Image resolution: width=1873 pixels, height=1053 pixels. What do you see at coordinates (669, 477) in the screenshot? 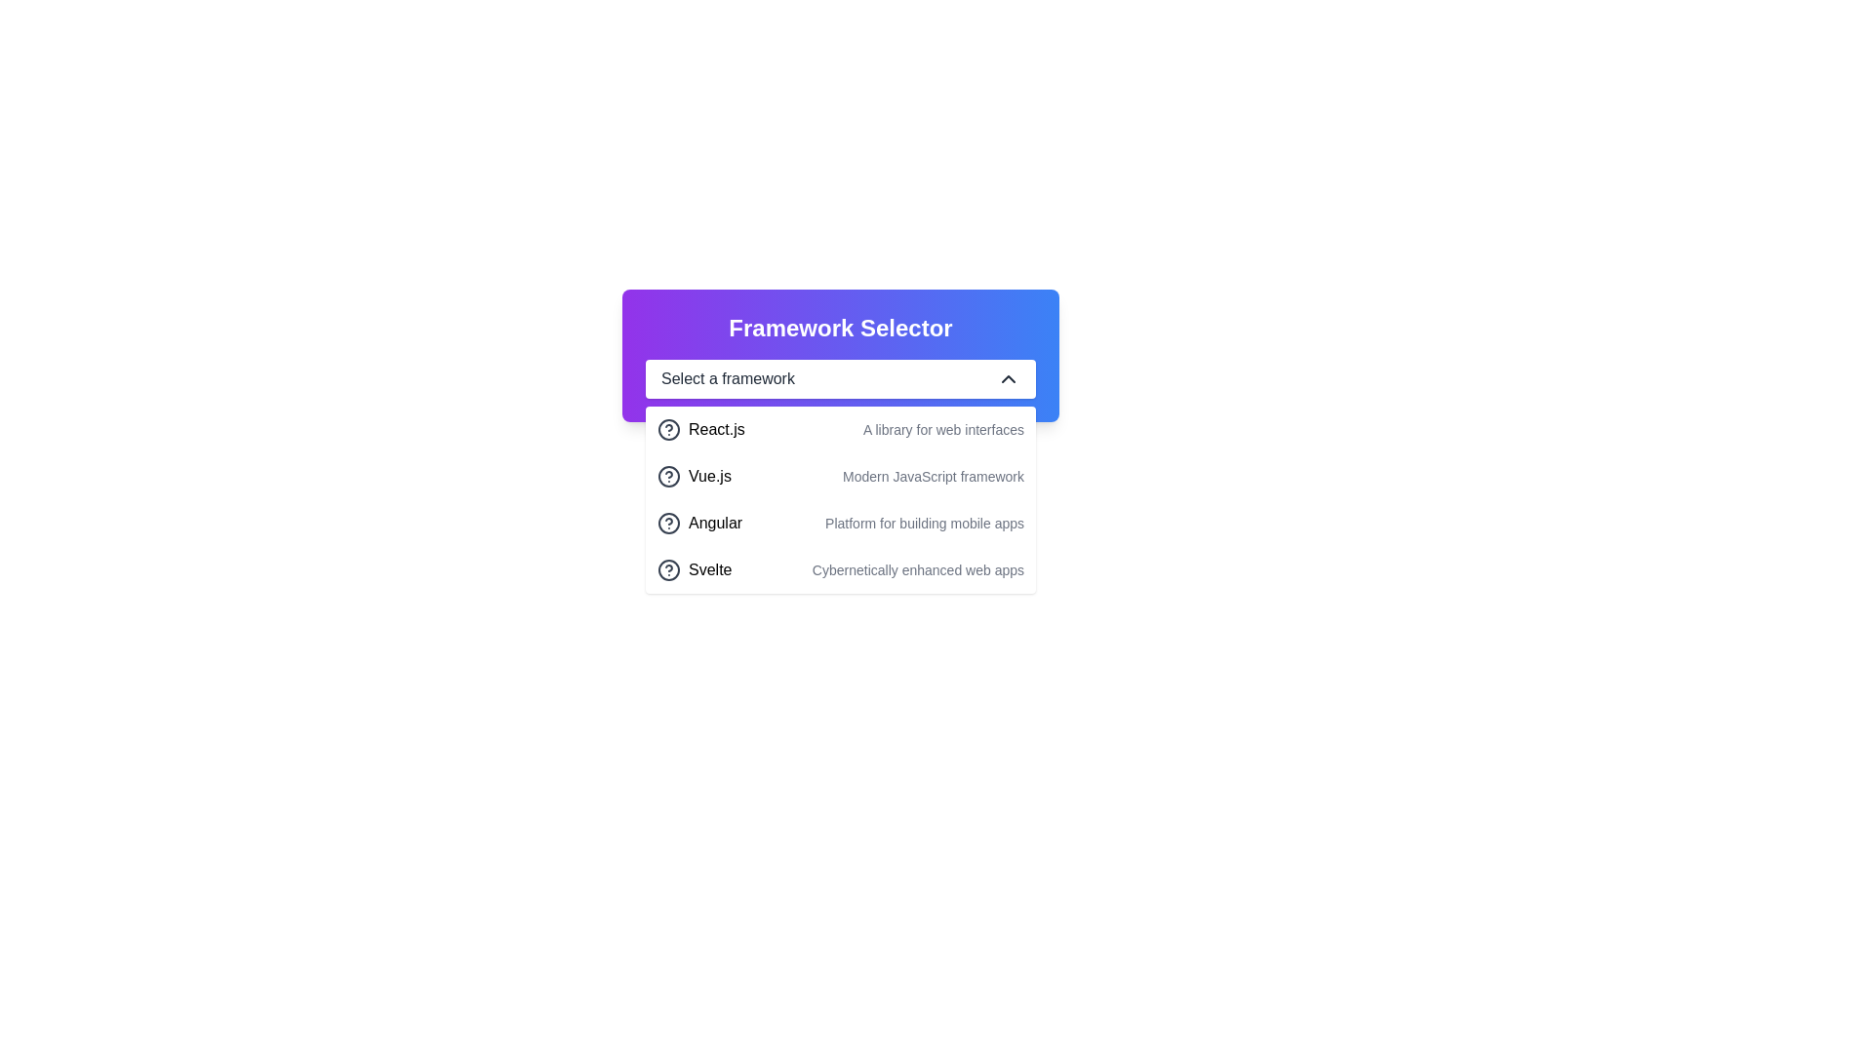
I see `the visual style of the central circle within the 'help circle' icon located to the left of the 'React.js' list item in the dropdown menu` at bounding box center [669, 477].